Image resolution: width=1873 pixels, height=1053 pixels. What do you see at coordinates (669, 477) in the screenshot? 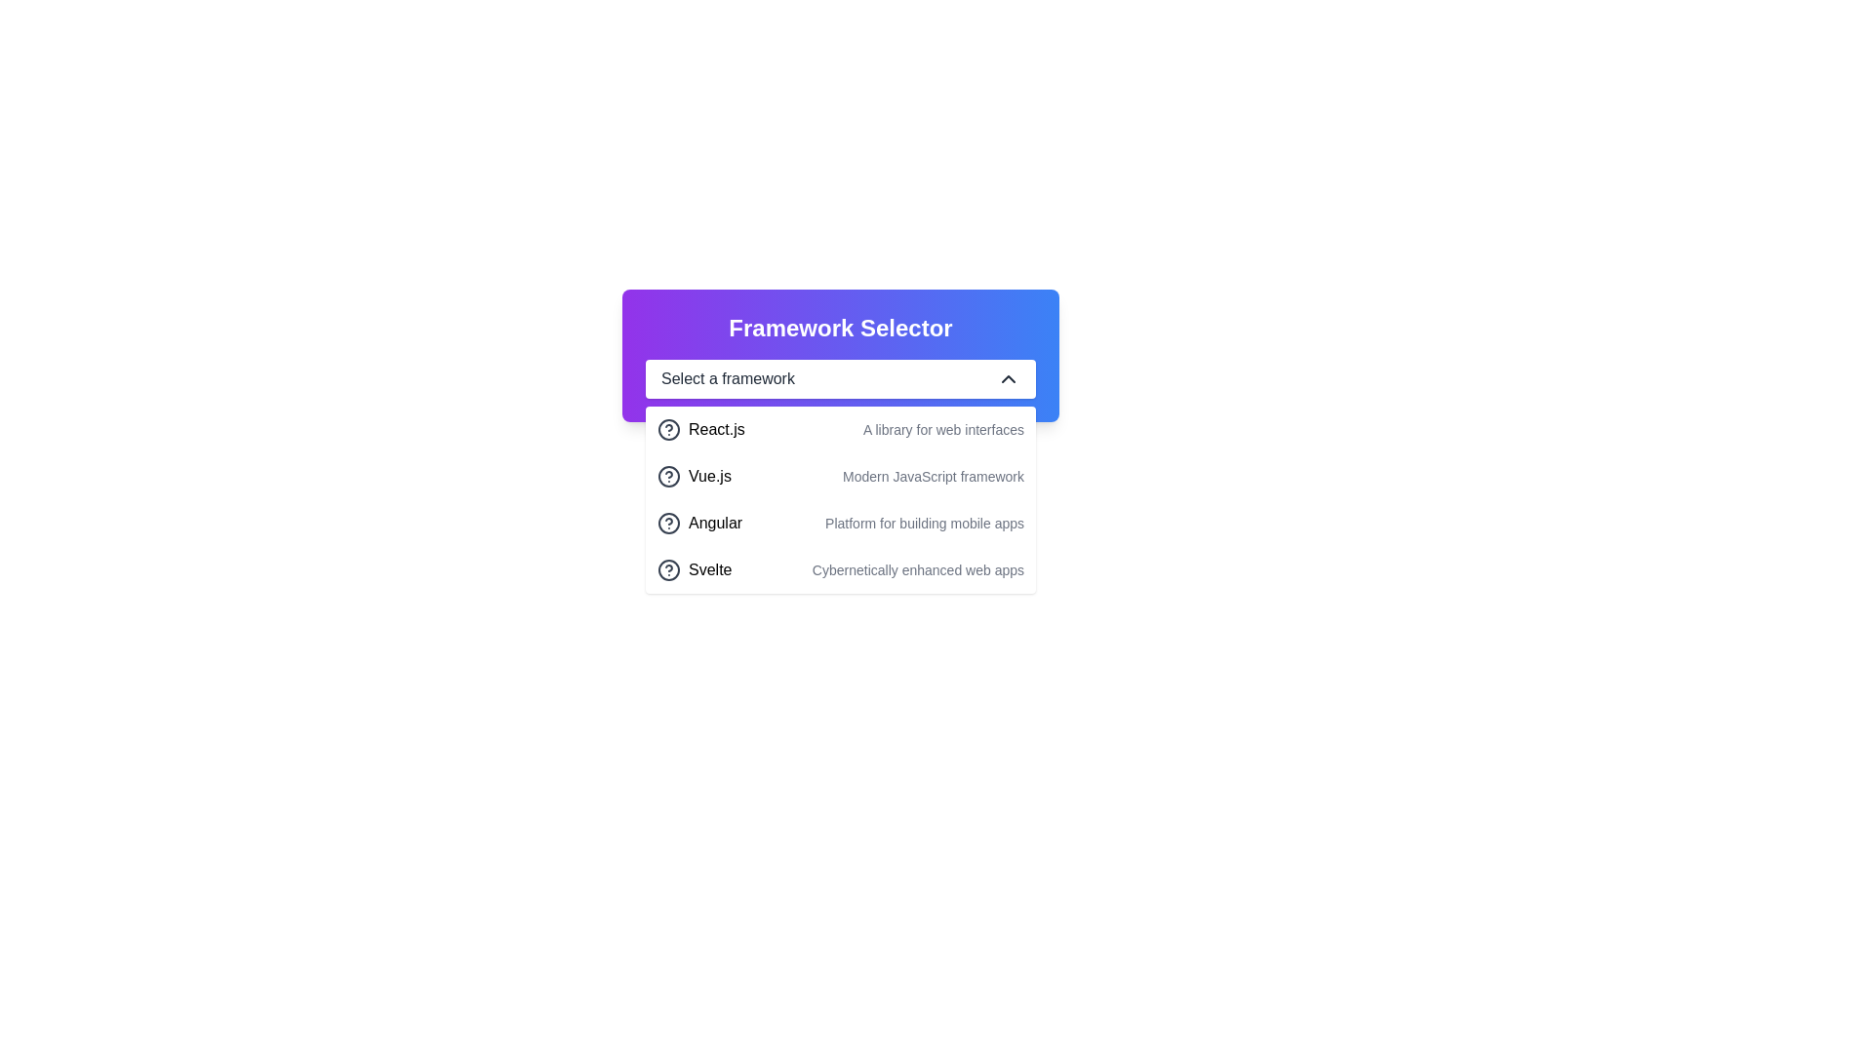
I see `the visual style of the central circle within the 'help circle' icon located to the left of the 'React.js' list item in the dropdown menu` at bounding box center [669, 477].